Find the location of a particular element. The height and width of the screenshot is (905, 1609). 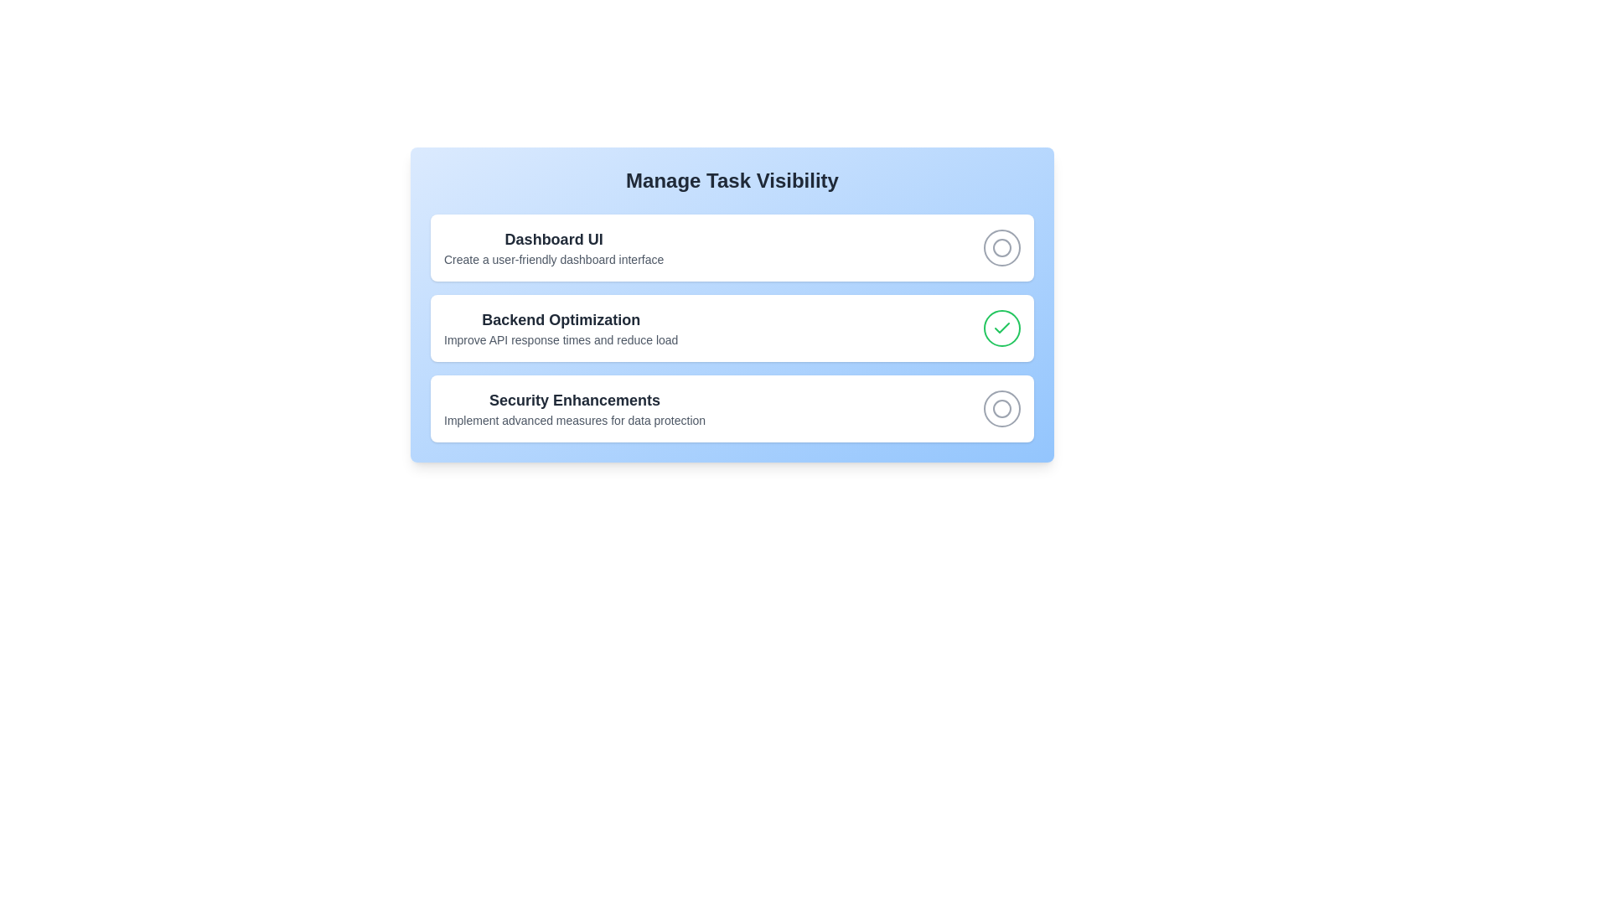

text label that states 'Improve API response times and reduce load', which is styled in gray and located below the 'Backend Optimization' title is located at coordinates (561, 339).